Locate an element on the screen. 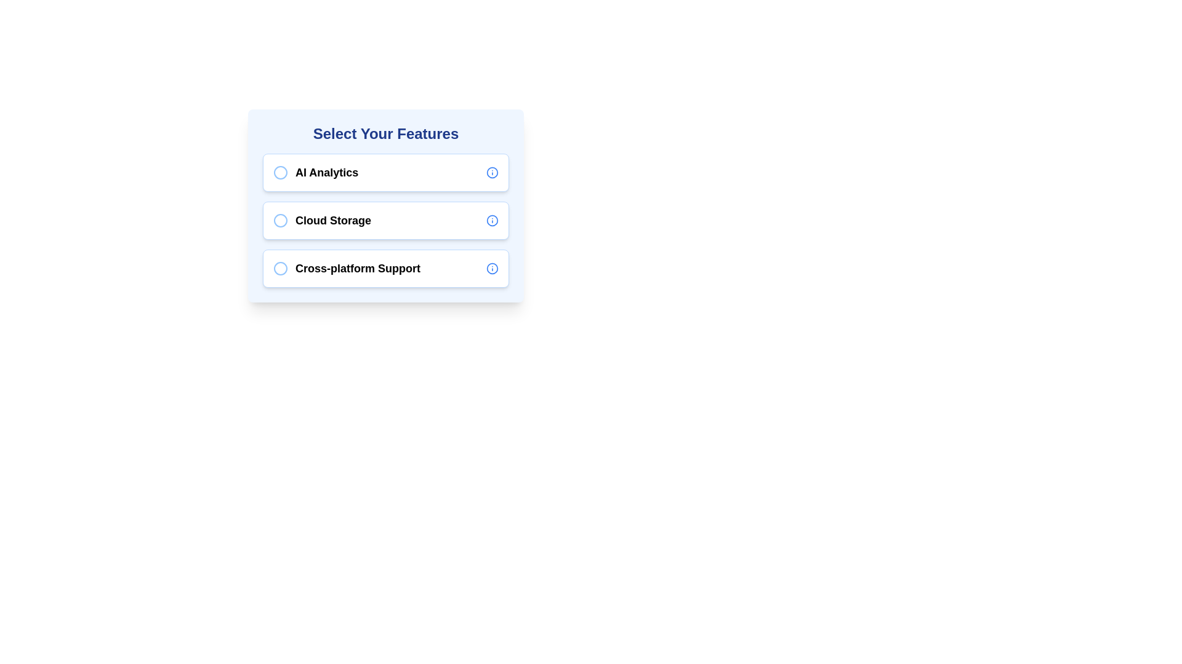 The width and height of the screenshot is (1182, 664). the SVG circle graphic that is part of the 'AI Analytics' list item, located at the center of the icon space is located at coordinates (280, 173).